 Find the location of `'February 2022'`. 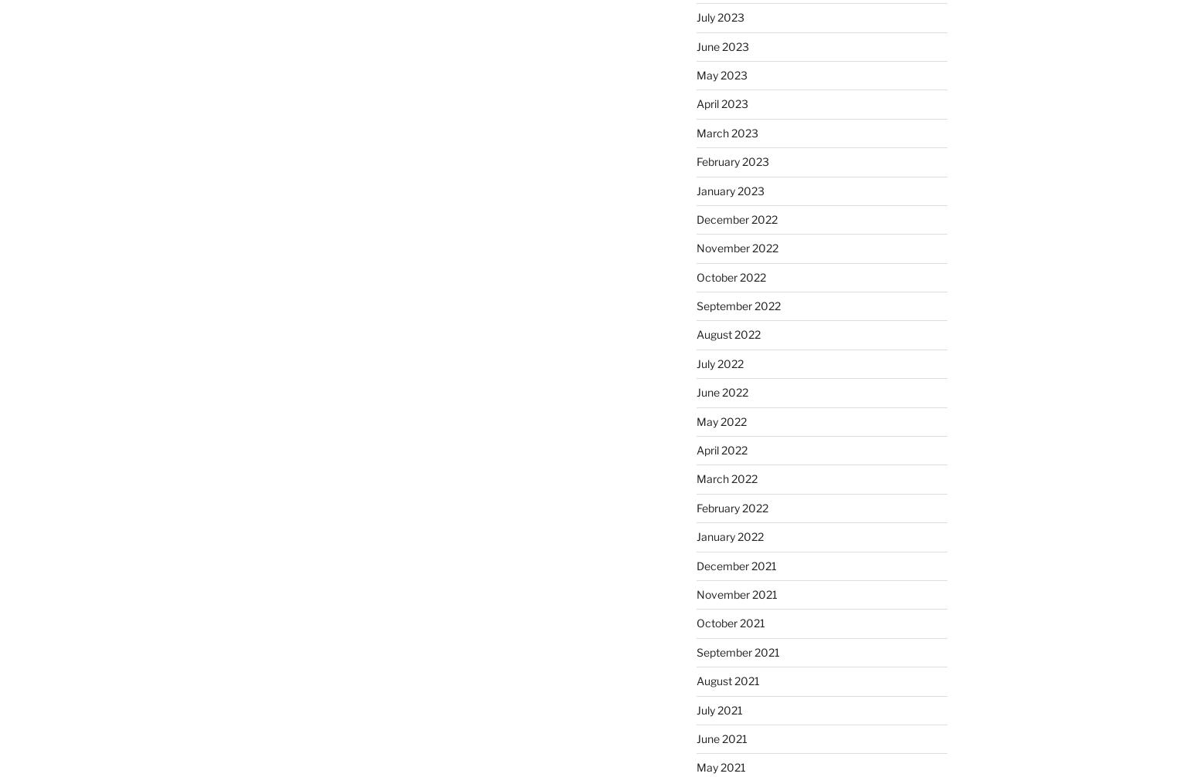

'February 2022' is located at coordinates (696, 506).